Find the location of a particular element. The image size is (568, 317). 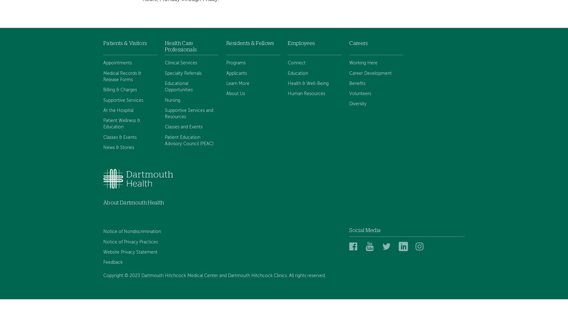

'Patient Education Advisory Council (PEAC)' is located at coordinates (189, 140).